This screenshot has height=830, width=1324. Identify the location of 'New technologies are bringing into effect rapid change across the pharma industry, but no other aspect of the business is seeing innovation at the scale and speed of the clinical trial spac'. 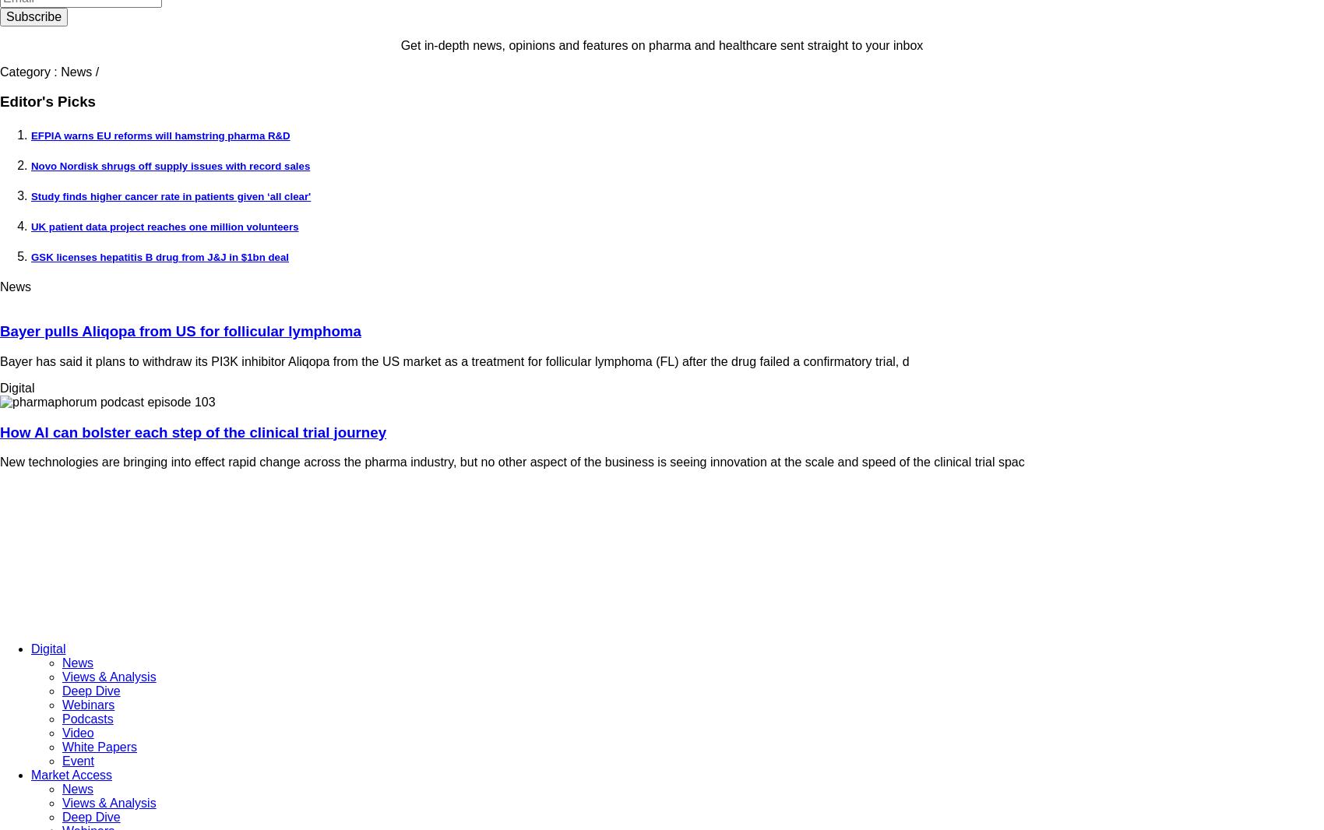
(512, 461).